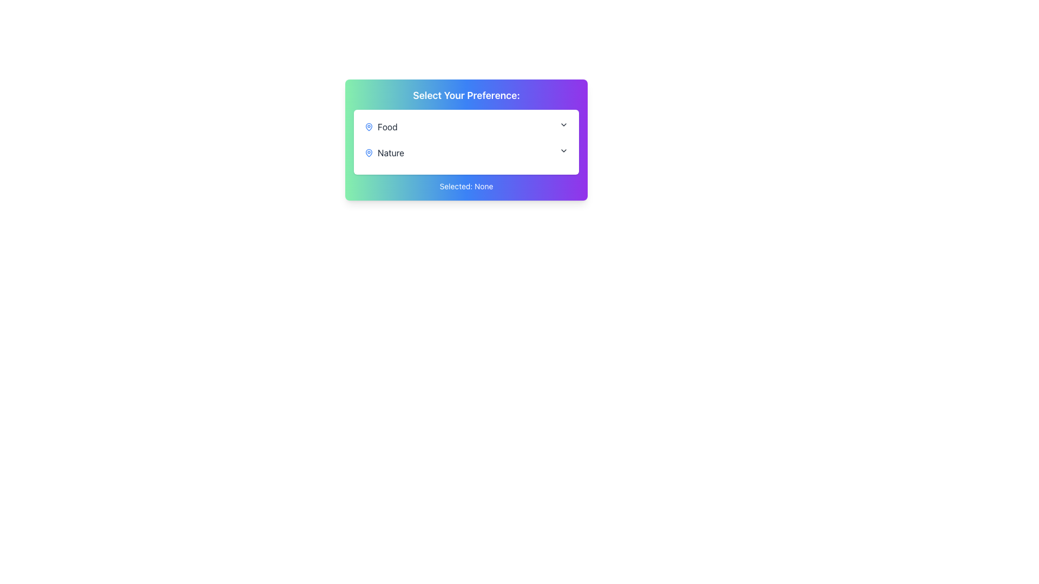  What do you see at coordinates (563, 124) in the screenshot?
I see `the downward-pointing chevron icon located on the far right of the 'Food' selection item in the dropdown list` at bounding box center [563, 124].